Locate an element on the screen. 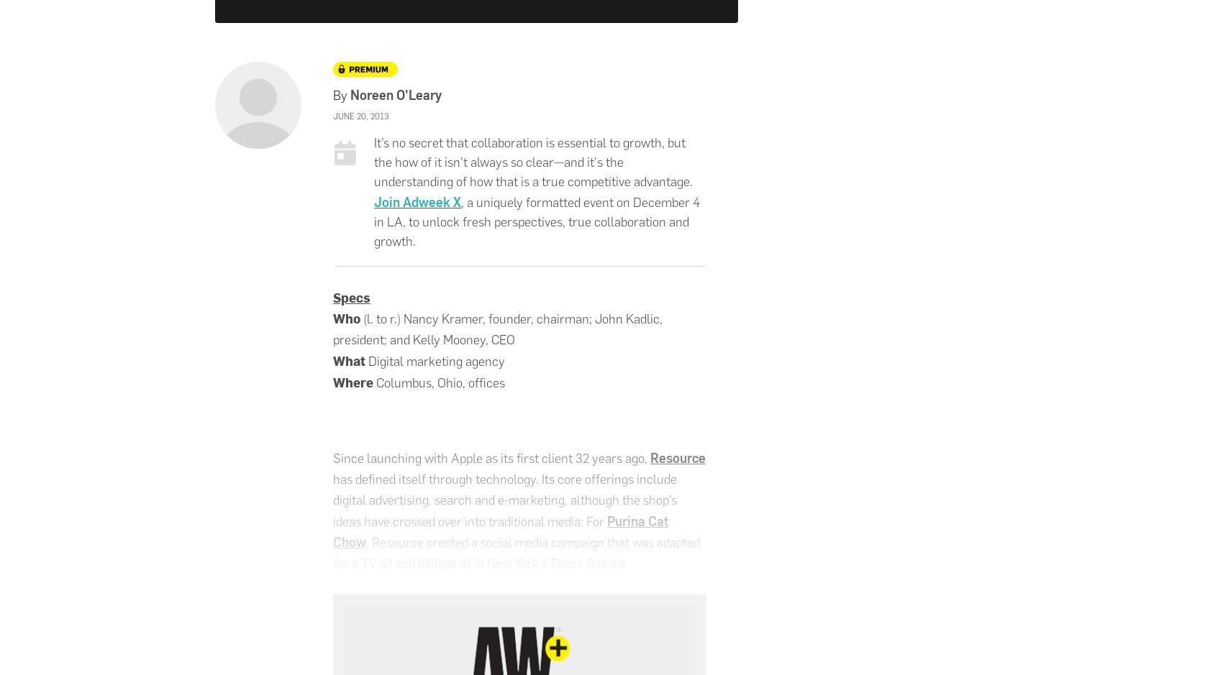 This screenshot has width=1228, height=675. 'Where' is located at coordinates (332, 381).